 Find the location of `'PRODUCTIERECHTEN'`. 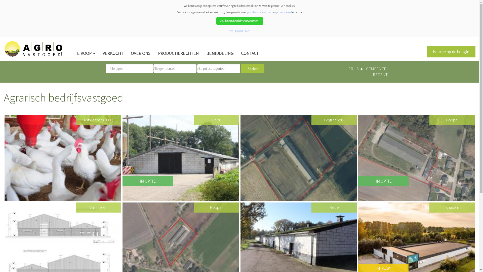

'PRODUCTIERECHTEN' is located at coordinates (154, 53).